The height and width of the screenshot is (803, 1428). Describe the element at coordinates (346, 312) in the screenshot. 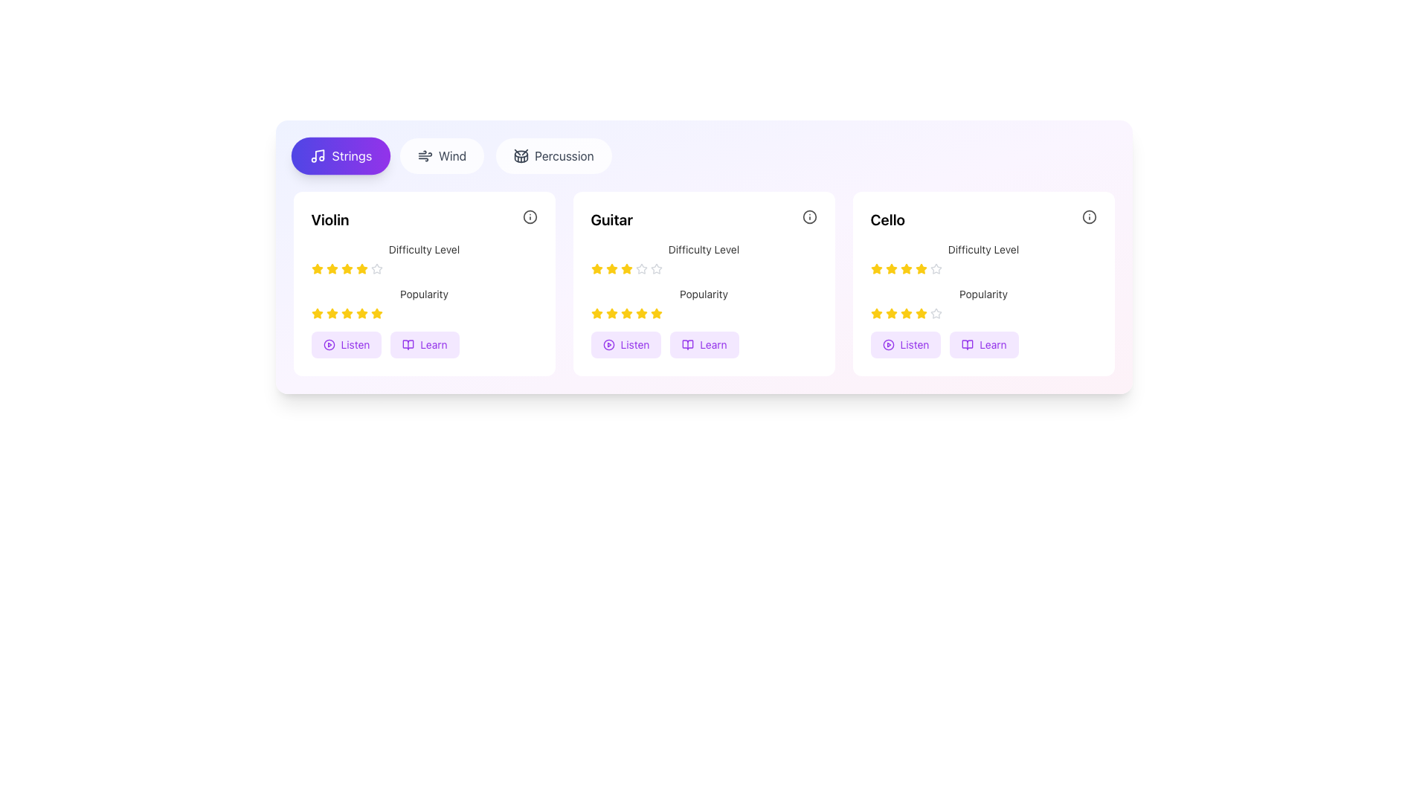

I see `the third star in the popularity rating section of the 'Violin' card` at that location.